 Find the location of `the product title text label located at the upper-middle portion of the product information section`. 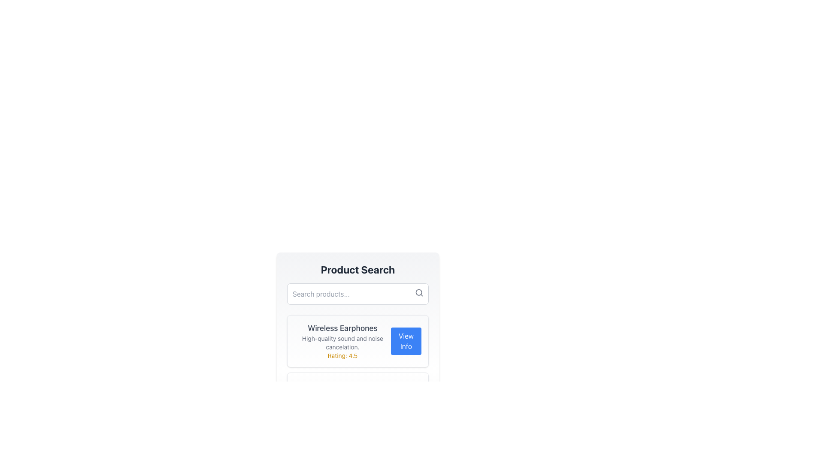

the product title text label located at the upper-middle portion of the product information section is located at coordinates (342, 328).